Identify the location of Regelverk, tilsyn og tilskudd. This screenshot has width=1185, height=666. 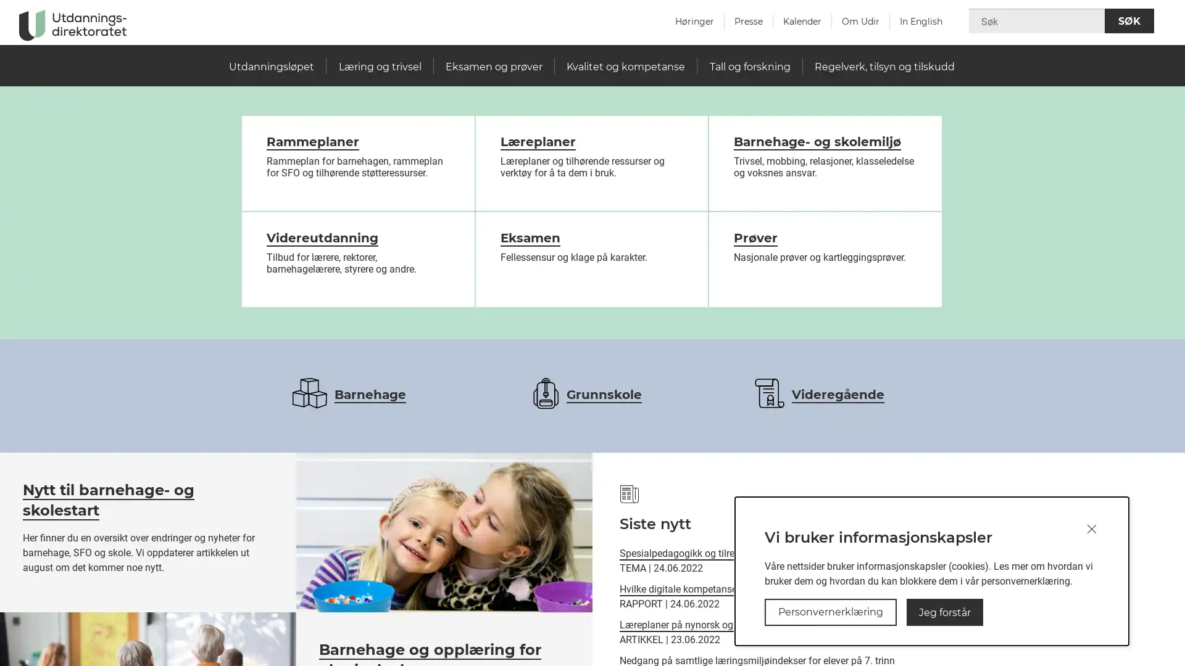
(883, 67).